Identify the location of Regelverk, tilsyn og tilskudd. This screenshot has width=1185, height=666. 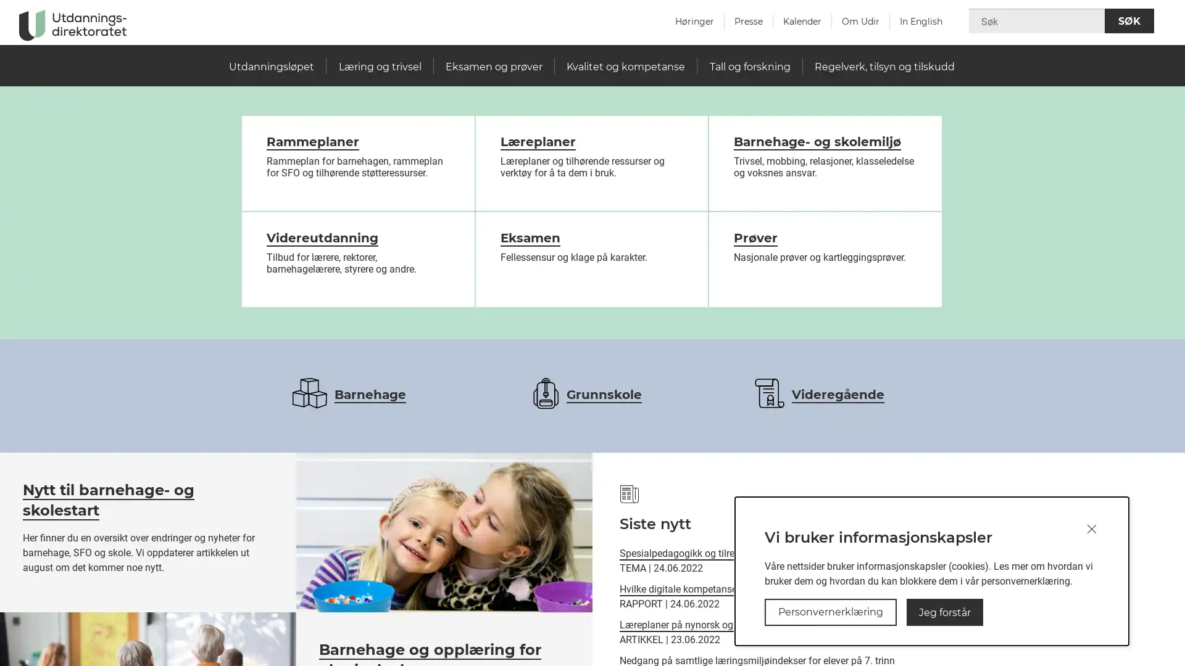
(883, 67).